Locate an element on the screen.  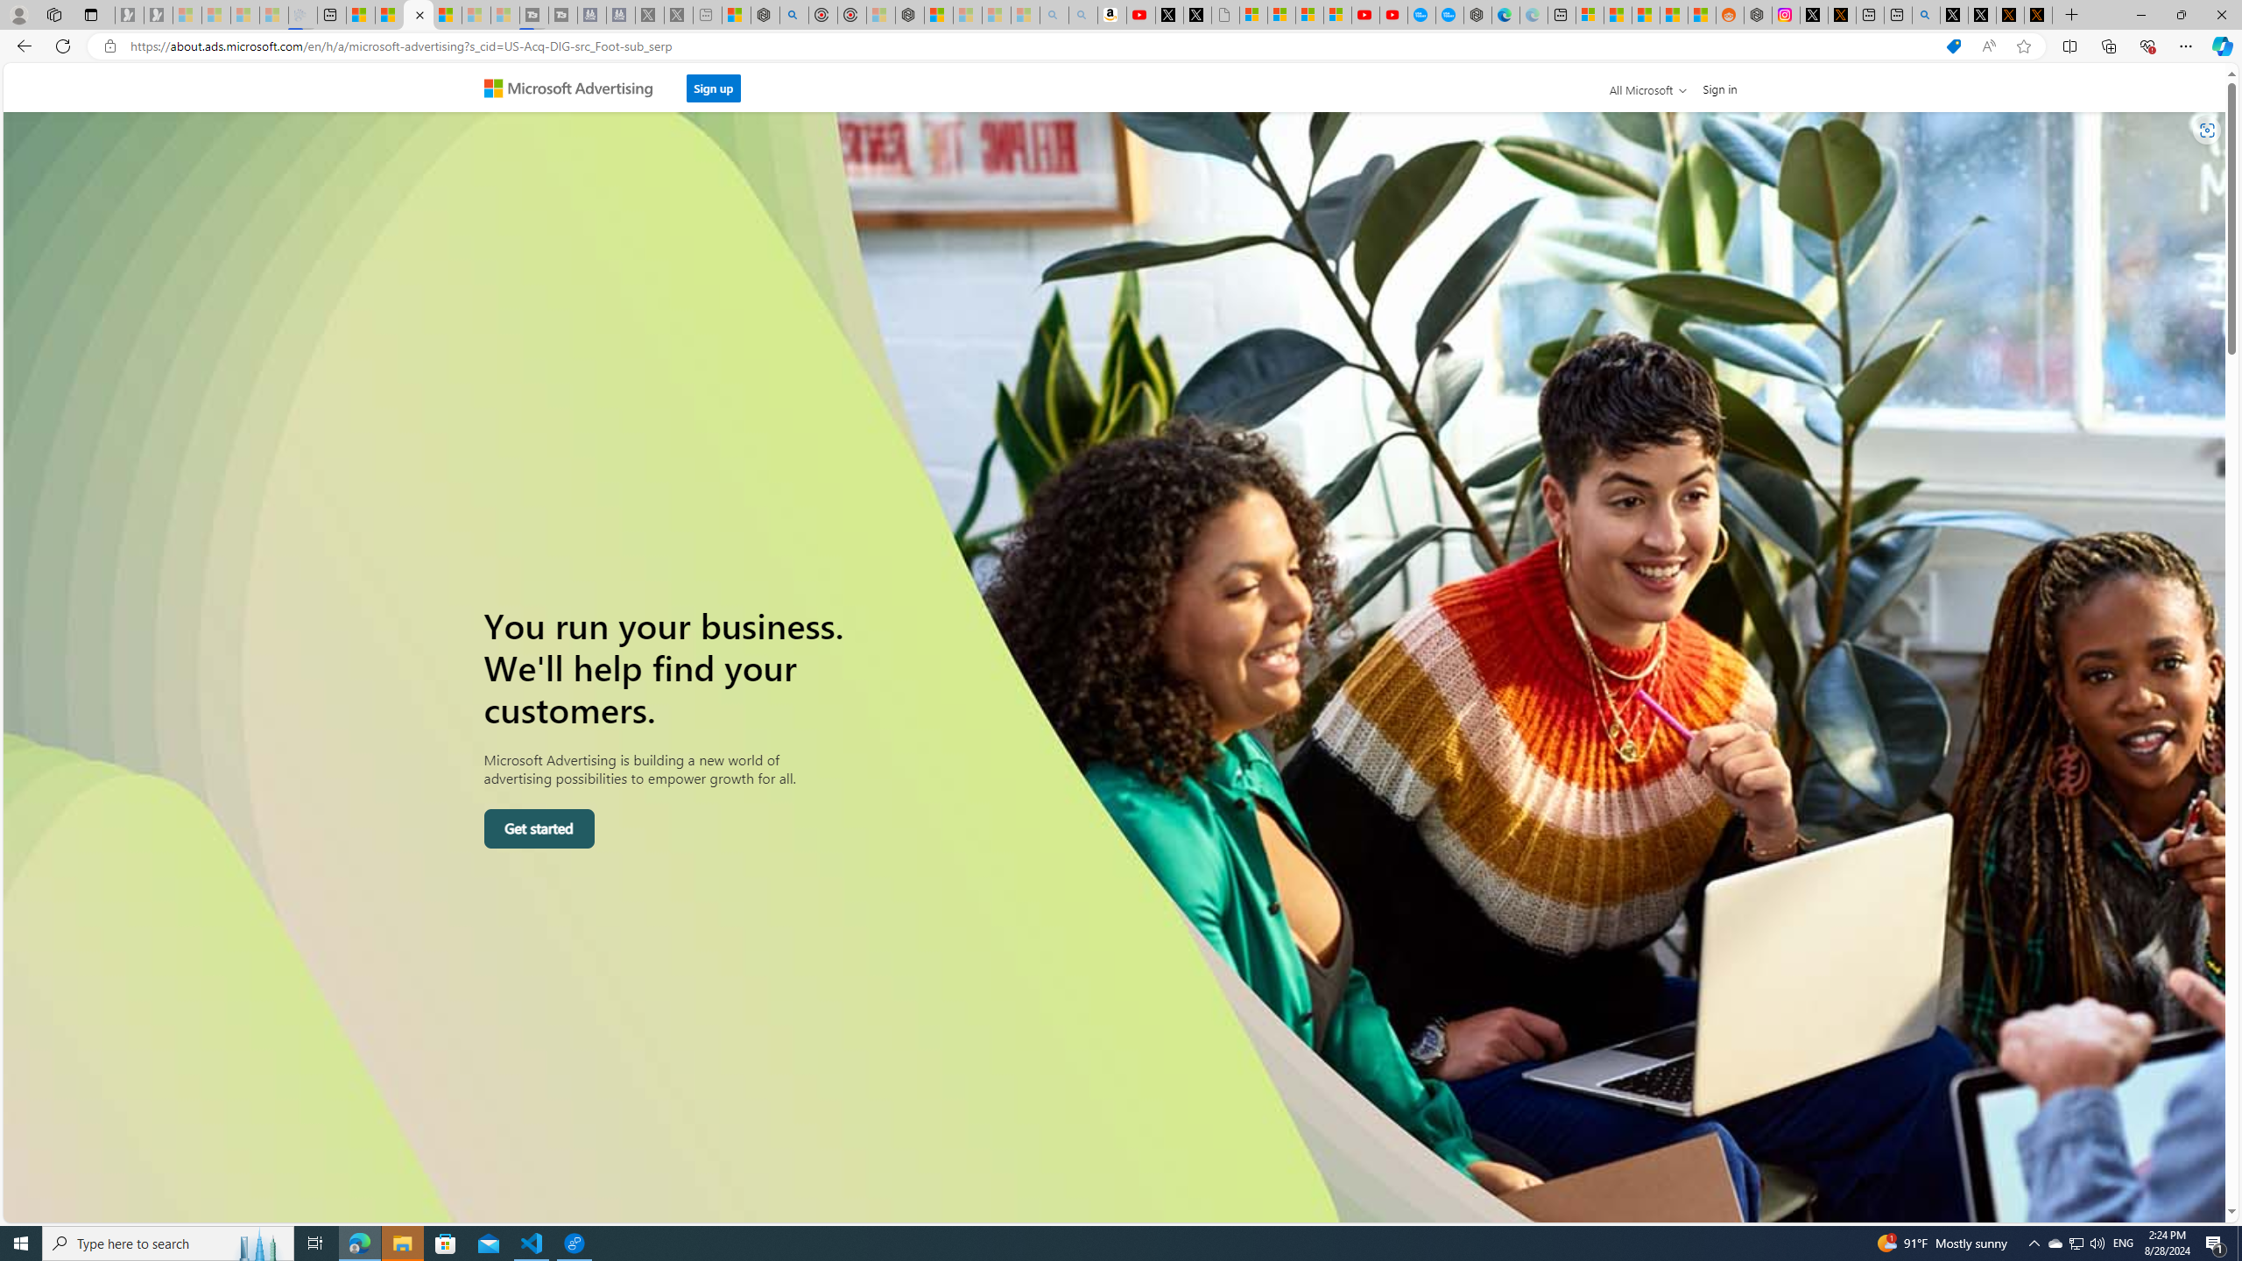
'Microsoft Advertising' is located at coordinates (575, 87).